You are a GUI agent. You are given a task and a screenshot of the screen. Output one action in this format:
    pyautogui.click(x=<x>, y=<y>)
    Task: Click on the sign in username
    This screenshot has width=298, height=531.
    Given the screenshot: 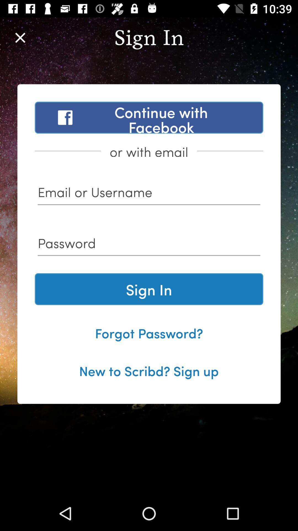 What is the action you would take?
    pyautogui.click(x=149, y=194)
    